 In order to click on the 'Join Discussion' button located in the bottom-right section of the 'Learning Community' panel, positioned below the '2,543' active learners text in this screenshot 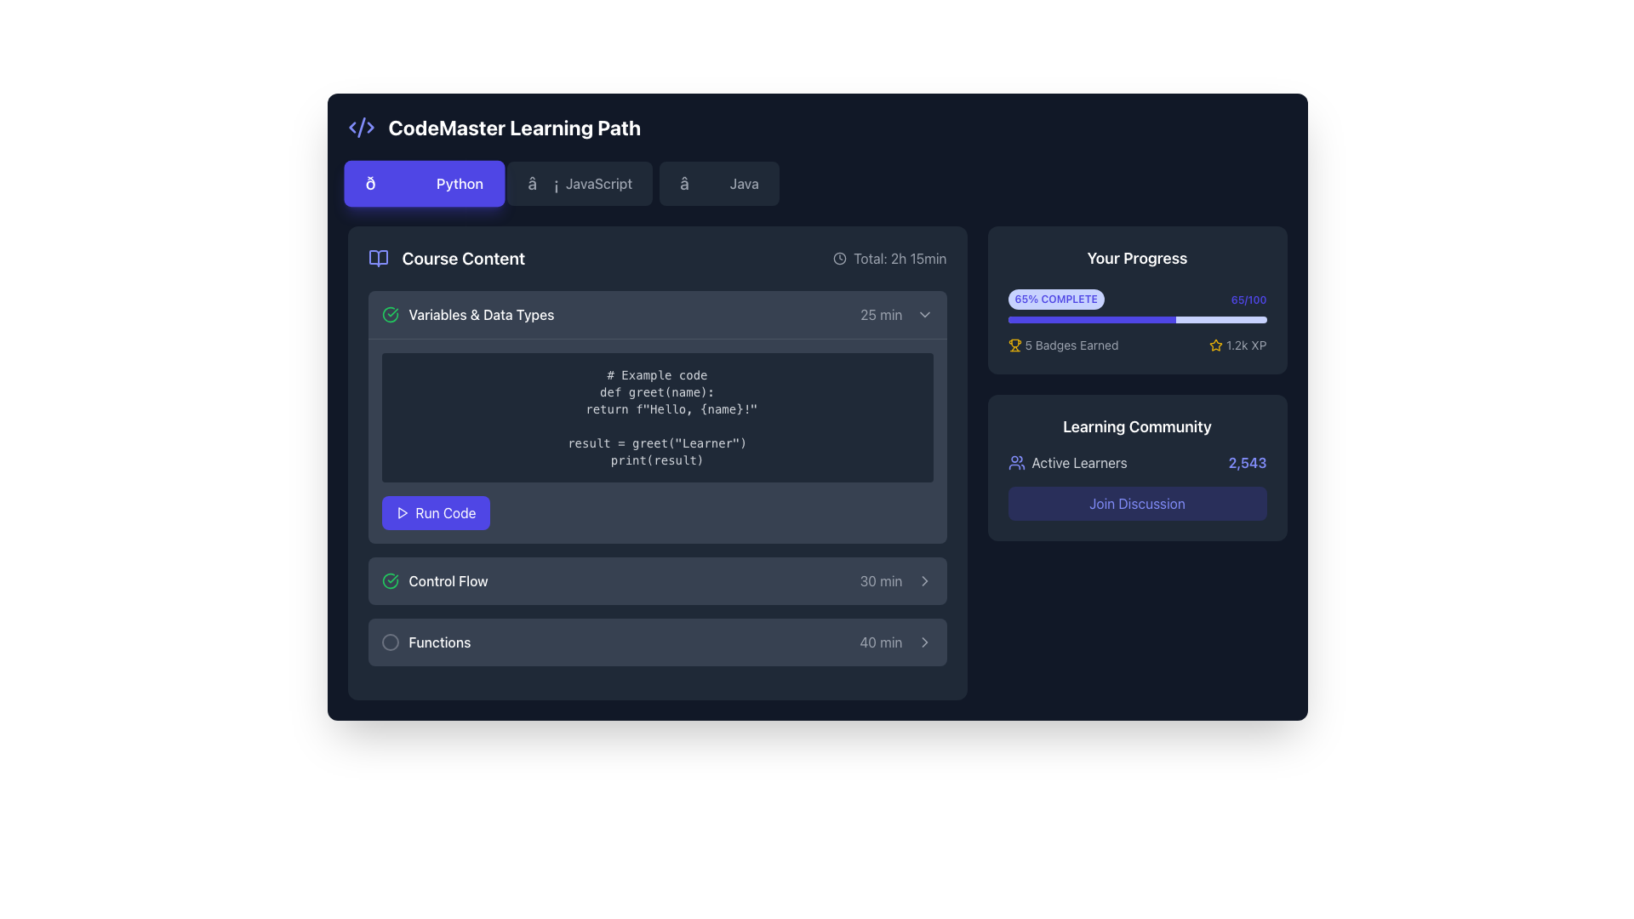, I will do `click(1137, 502)`.